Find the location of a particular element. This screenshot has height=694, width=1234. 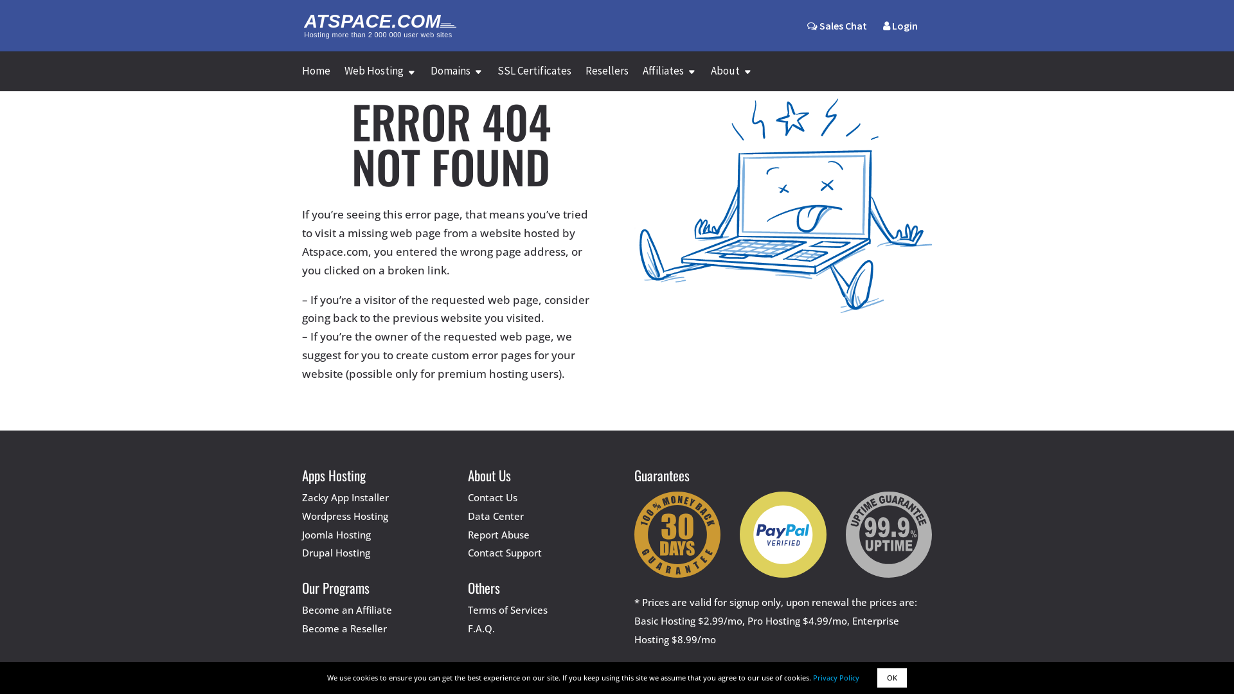

'Affiliates' is located at coordinates (668, 78).